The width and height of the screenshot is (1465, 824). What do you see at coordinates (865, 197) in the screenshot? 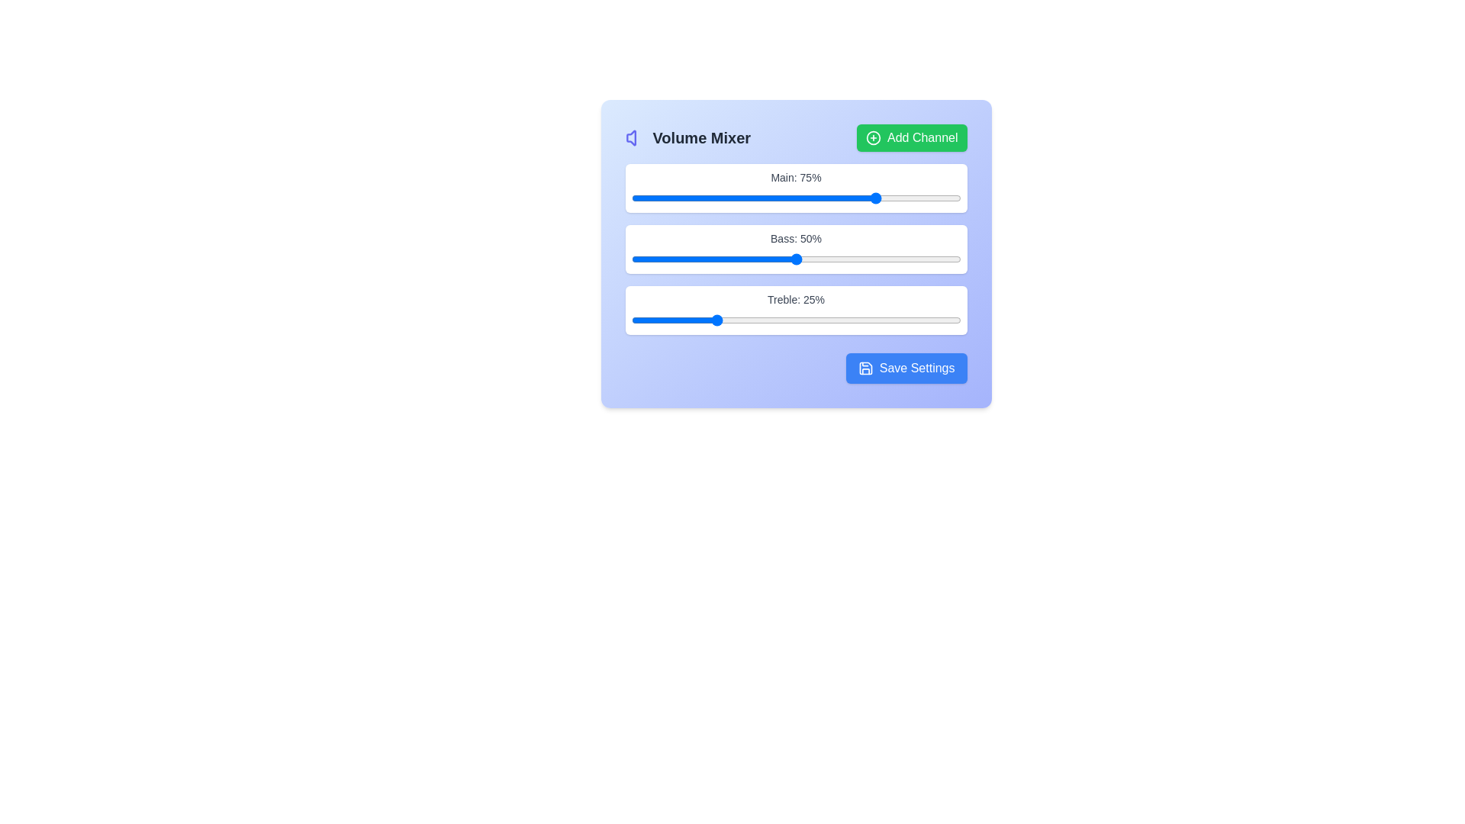
I see `the main volume slider` at bounding box center [865, 197].